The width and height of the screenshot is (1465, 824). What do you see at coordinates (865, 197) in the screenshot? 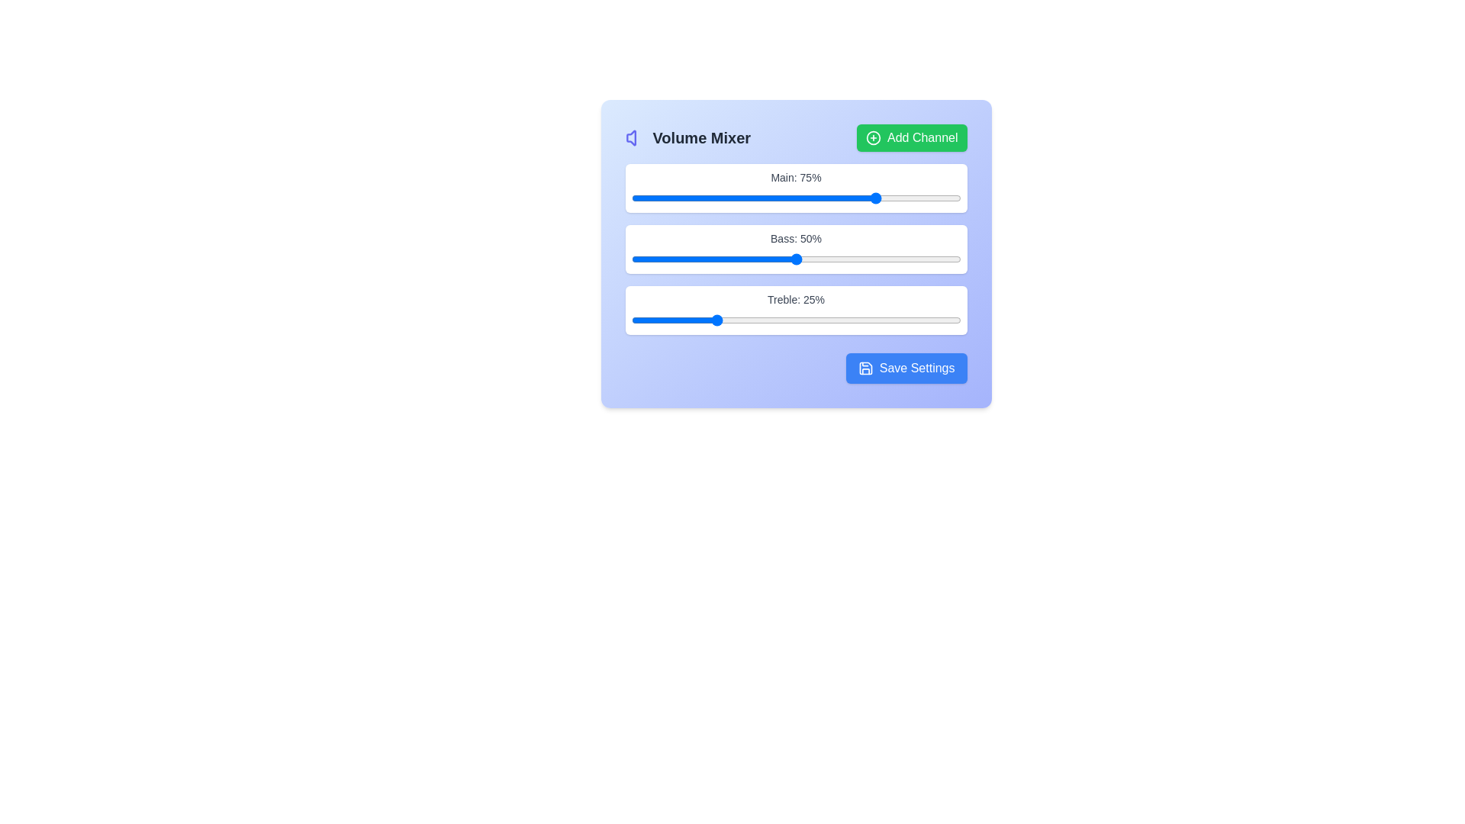
I see `the main volume slider` at bounding box center [865, 197].